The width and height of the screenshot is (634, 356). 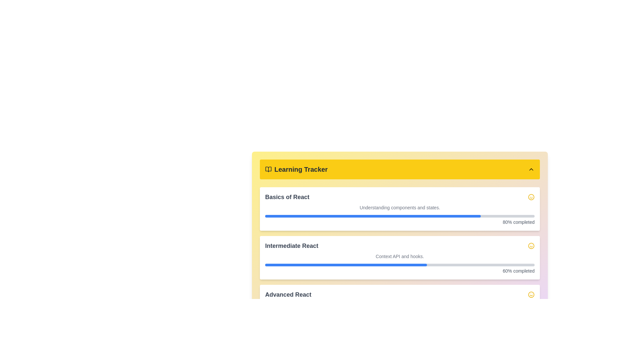 What do you see at coordinates (399, 256) in the screenshot?
I see `the static text label that provides additional information about the 'Intermediate React' section, specifically mentioning the 'Context API and hooks'` at bounding box center [399, 256].